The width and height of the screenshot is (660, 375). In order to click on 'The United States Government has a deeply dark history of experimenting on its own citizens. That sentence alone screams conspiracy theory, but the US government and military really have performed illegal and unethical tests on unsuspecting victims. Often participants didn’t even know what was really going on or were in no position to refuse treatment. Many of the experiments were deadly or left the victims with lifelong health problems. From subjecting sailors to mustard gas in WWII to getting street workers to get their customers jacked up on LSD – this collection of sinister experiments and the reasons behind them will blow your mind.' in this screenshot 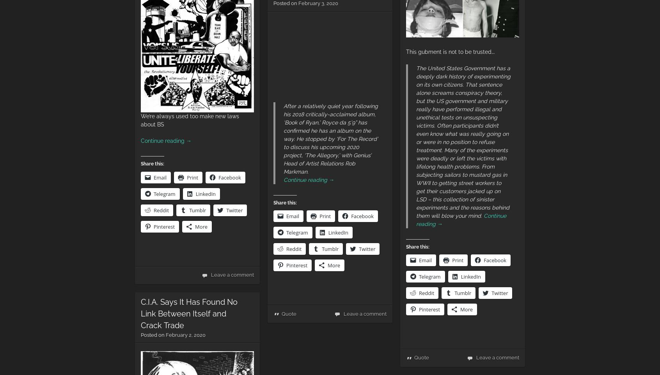, I will do `click(463, 141)`.